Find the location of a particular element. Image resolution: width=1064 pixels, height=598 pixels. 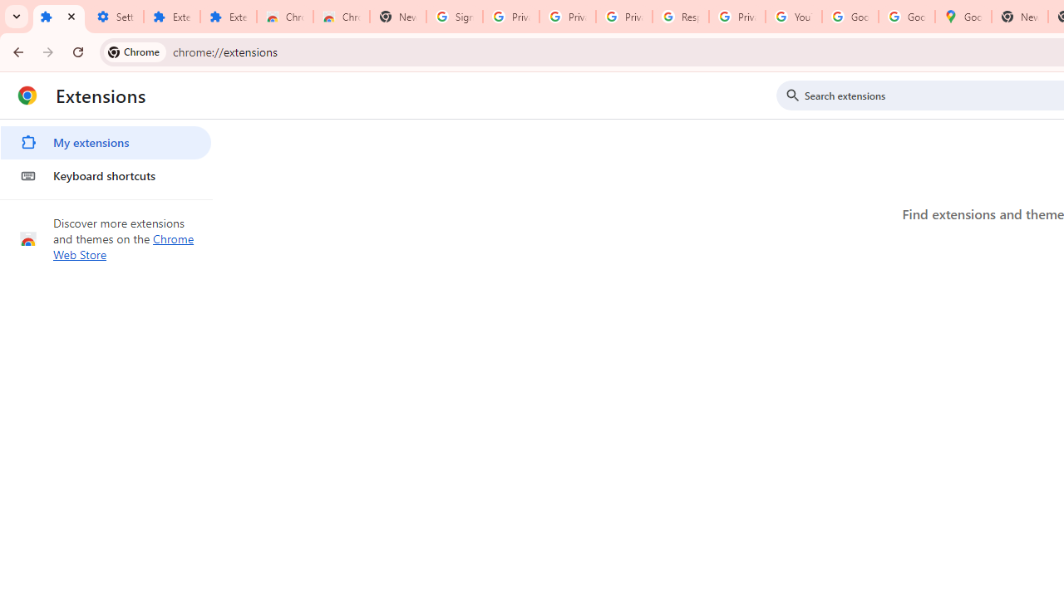

'Chrome Web Store - Themes' is located at coordinates (341, 17).